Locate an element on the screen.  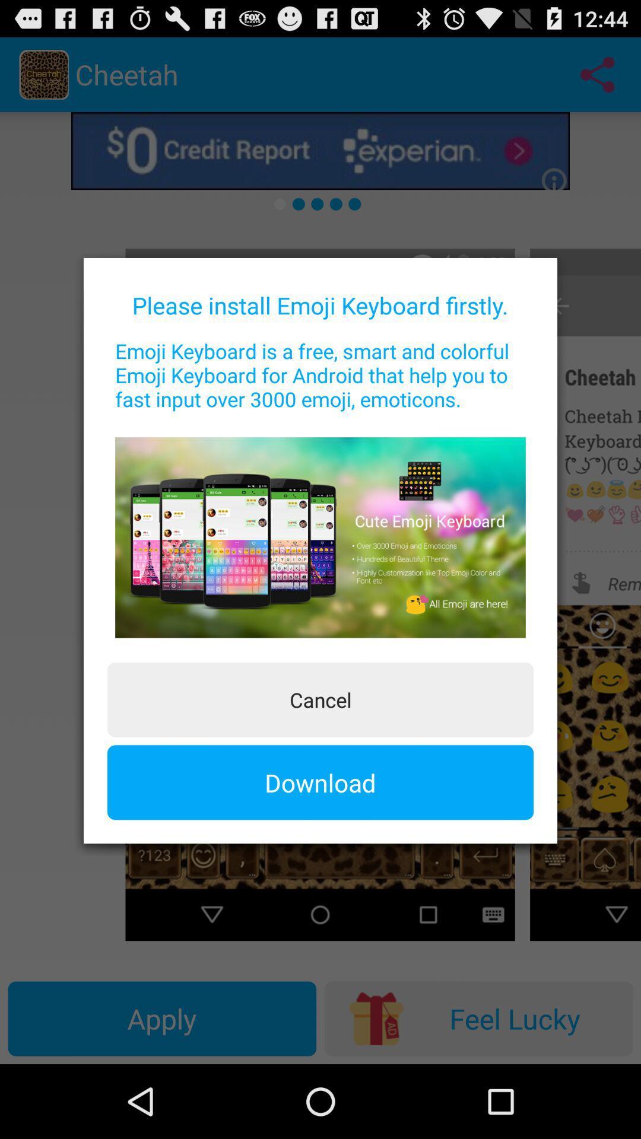
item below cancel is located at coordinates (320, 782).